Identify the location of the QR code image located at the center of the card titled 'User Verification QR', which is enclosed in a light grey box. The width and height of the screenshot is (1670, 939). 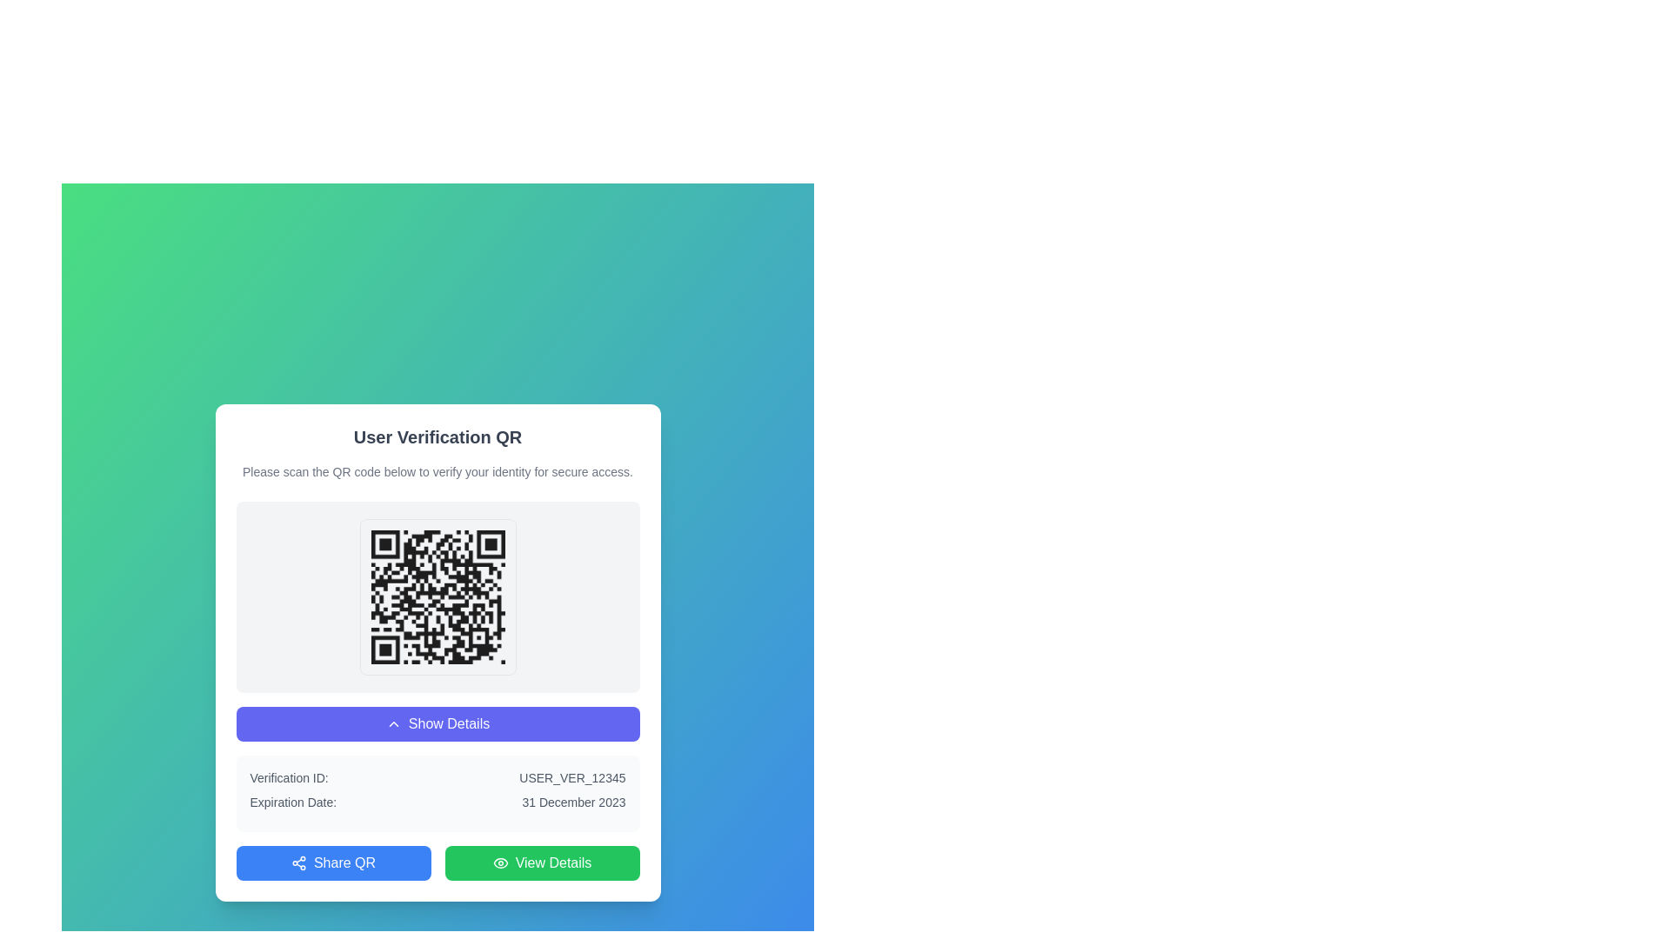
(438, 596).